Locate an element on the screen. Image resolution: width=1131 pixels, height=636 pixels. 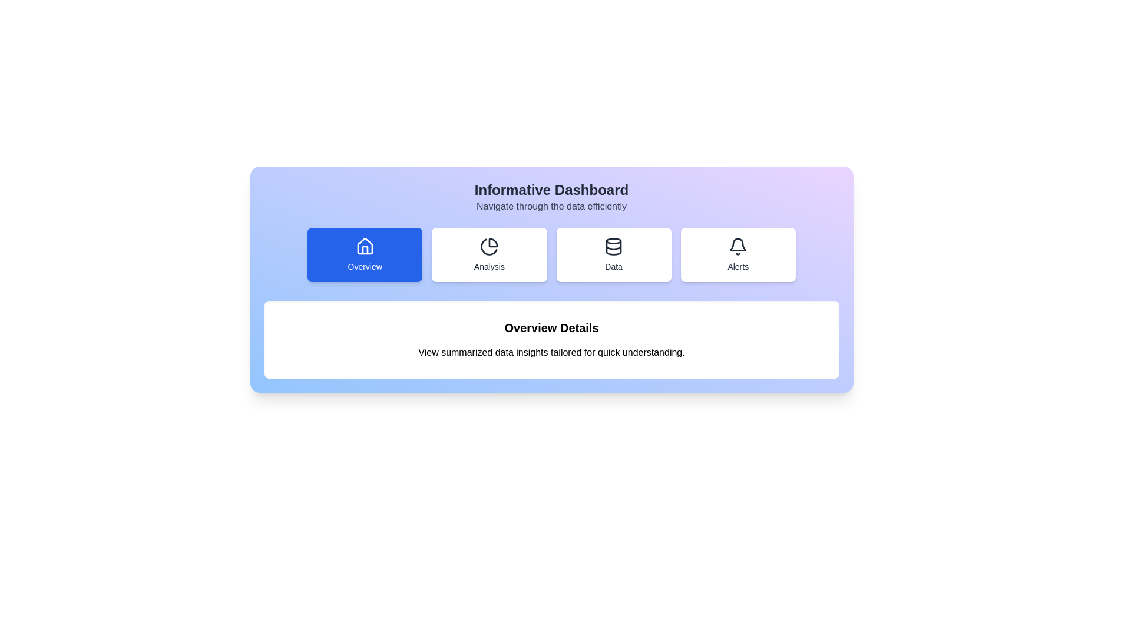
the static text element located in the lower part of the 'Overview Details' section, directly beneath the header text 'Overview Details.' is located at coordinates (551, 352).